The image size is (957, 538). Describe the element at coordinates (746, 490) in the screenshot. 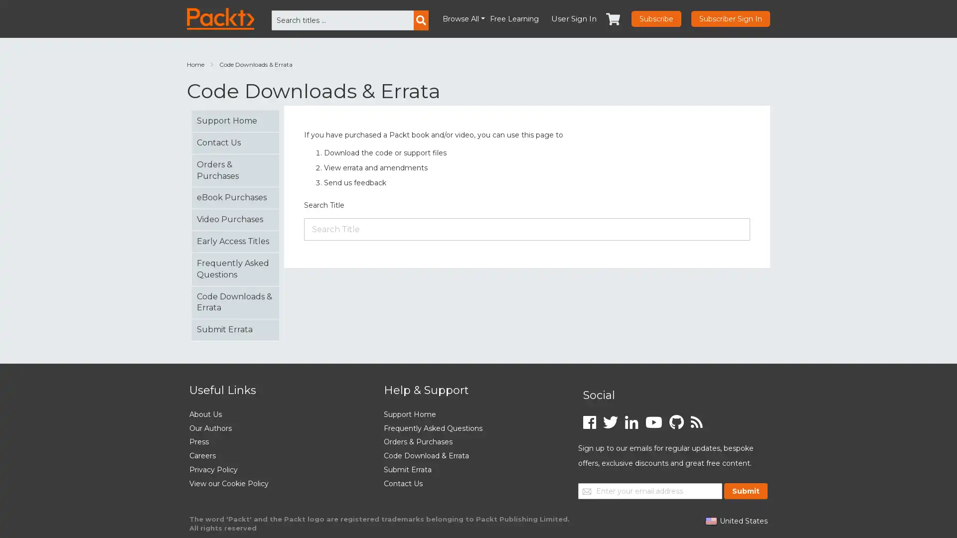

I see `Submit` at that location.